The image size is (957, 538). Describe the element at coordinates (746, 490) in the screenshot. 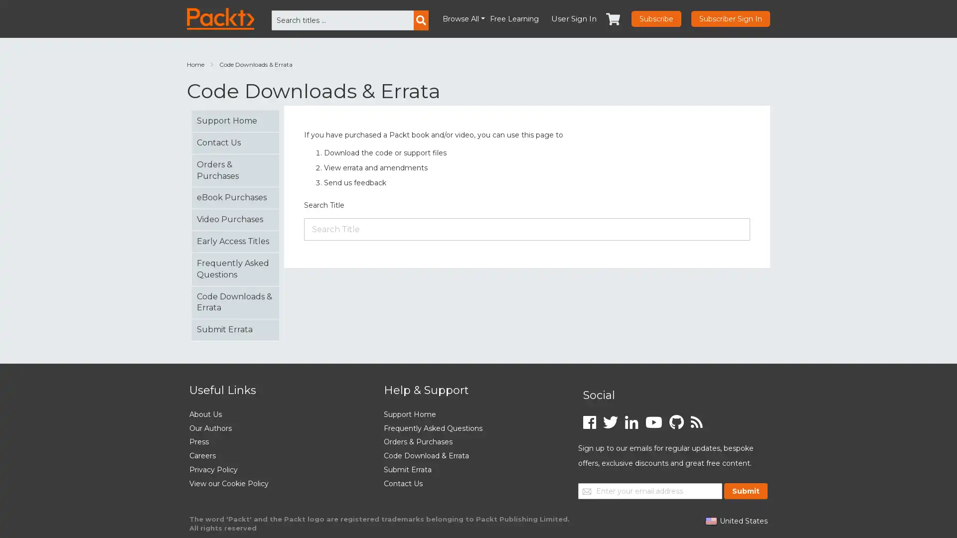

I see `Submit` at that location.